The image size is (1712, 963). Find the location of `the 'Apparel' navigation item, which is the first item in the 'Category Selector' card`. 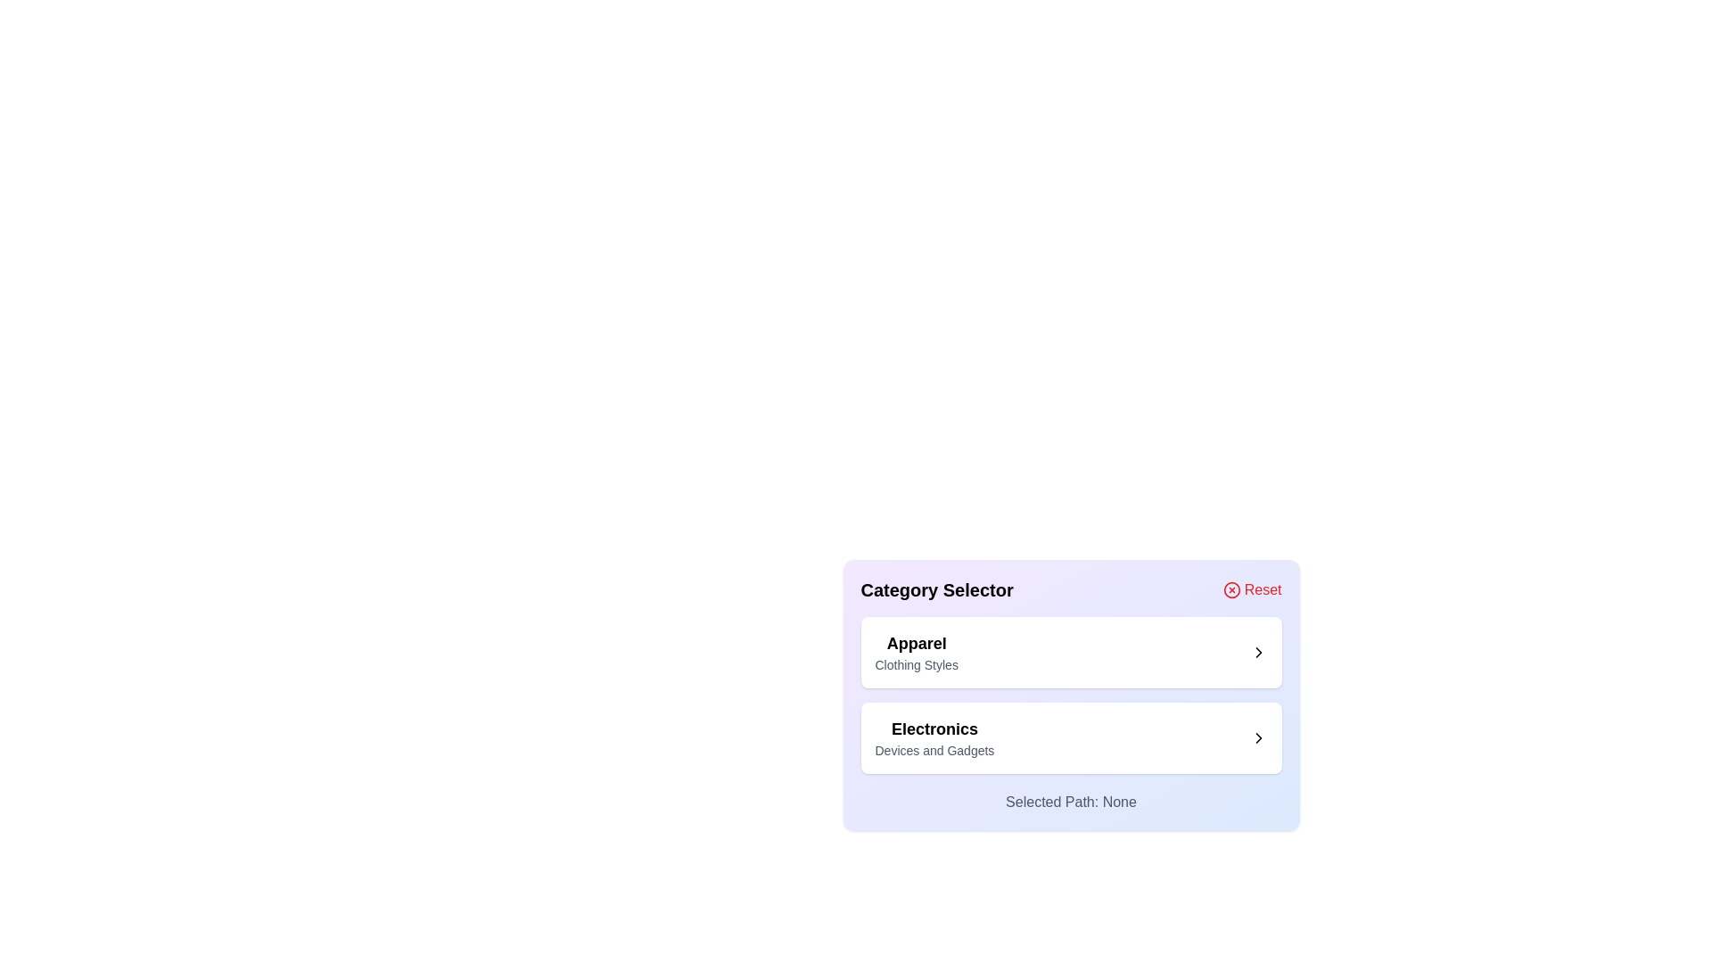

the 'Apparel' navigation item, which is the first item in the 'Category Selector' card is located at coordinates (1070, 653).